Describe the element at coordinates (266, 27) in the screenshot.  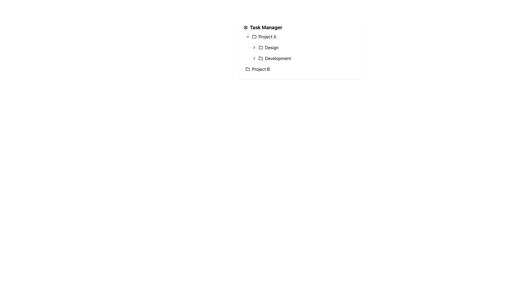
I see `the 'Task Manager' text label, which is styled prominently with a bold and larger font, located at the top of the content area and accompanied by a gear icon on its left` at that location.